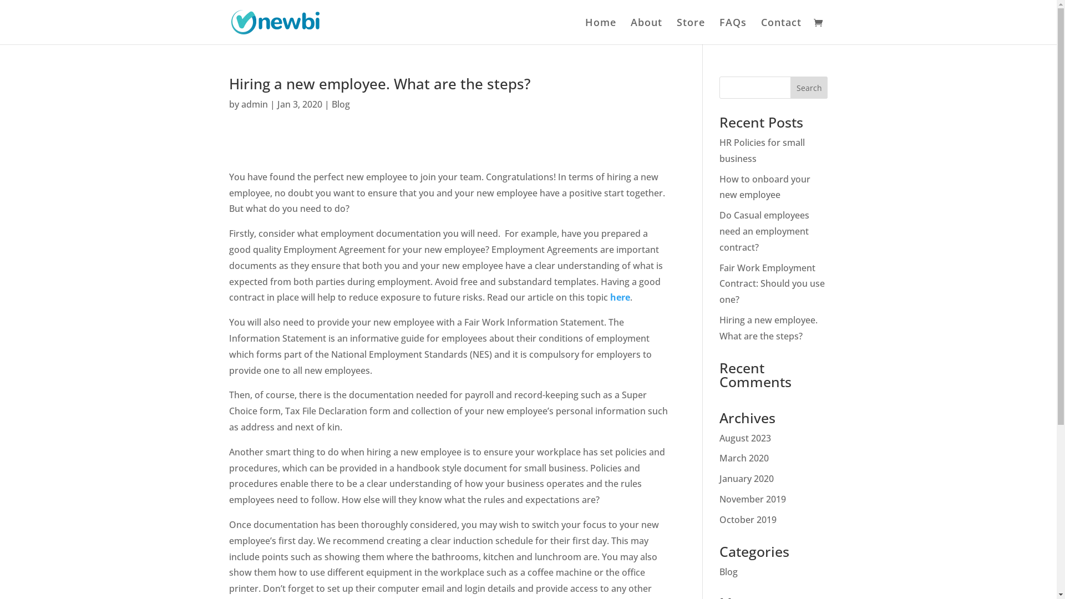 This screenshot has height=599, width=1065. I want to click on 'October 2019', so click(719, 520).